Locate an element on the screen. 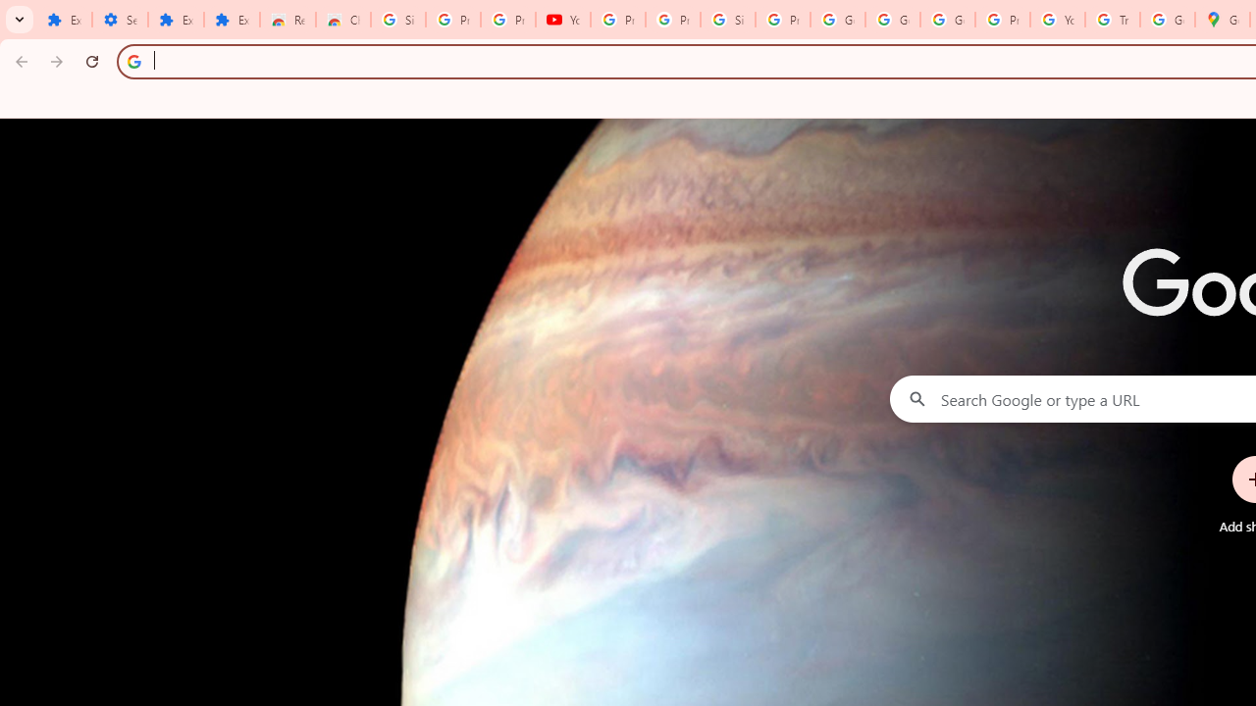 The image size is (1256, 706). 'Reviews: Helix Fruit Jump Arcade Game' is located at coordinates (287, 20).